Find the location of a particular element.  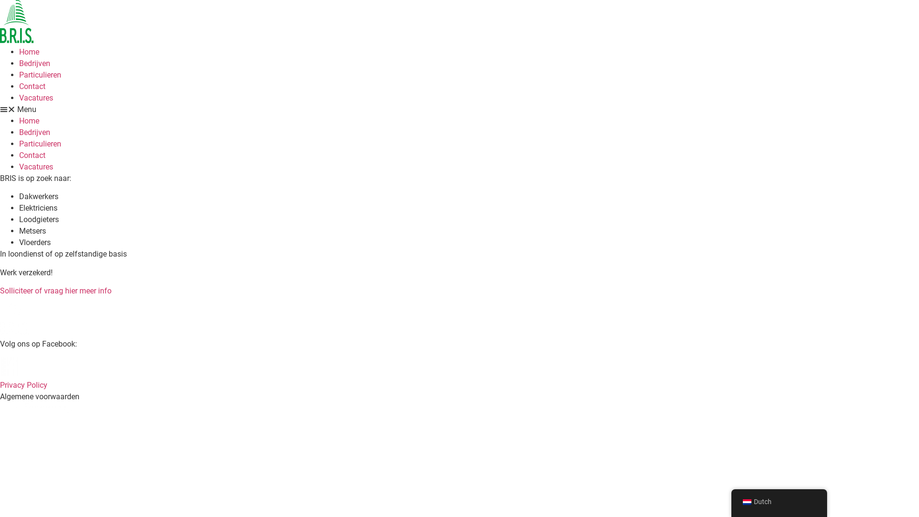

'Particulieren' is located at coordinates (39, 74).